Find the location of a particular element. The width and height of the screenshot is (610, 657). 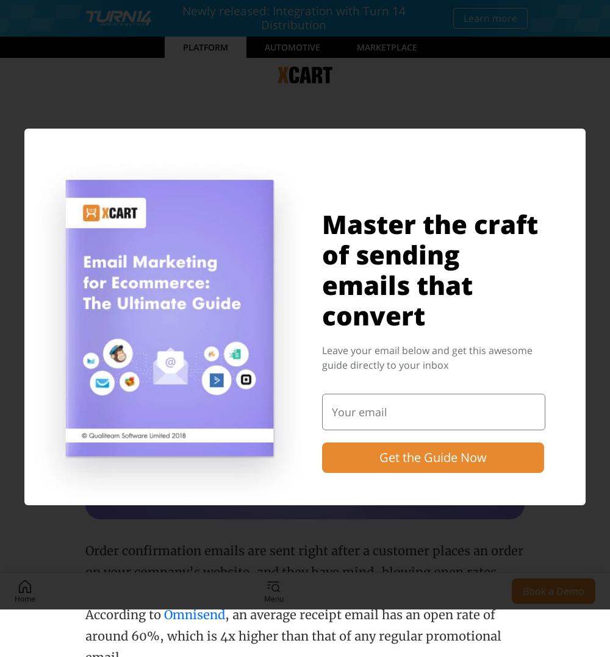

'Automotive' is located at coordinates (265, 46).